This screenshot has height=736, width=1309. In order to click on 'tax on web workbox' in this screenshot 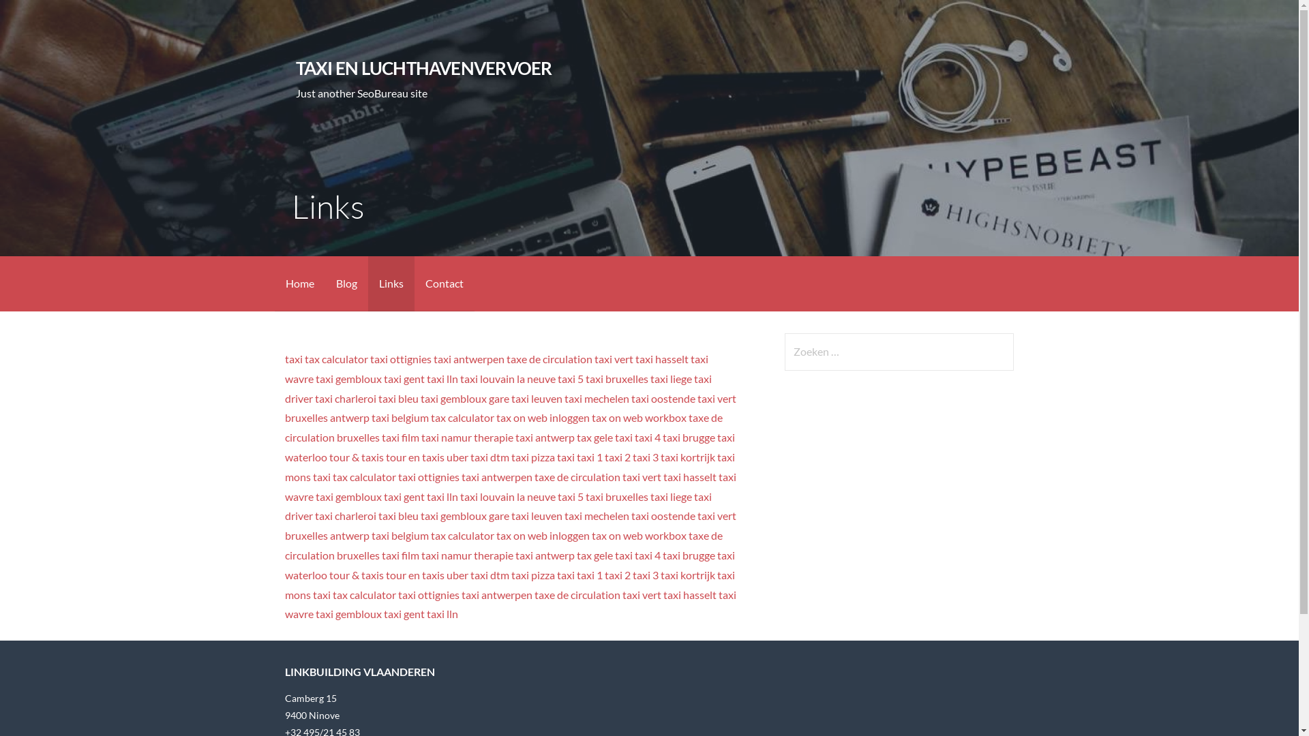, I will do `click(638, 416)`.